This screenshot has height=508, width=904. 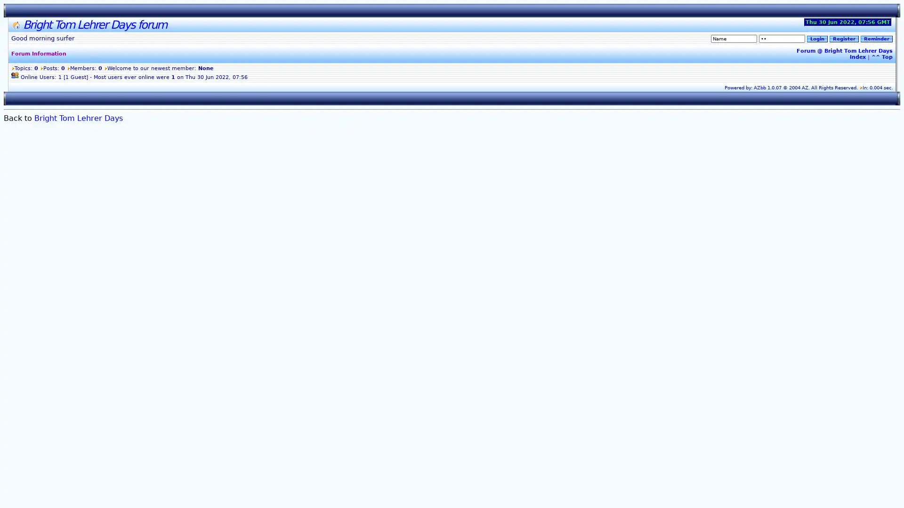 I want to click on Login, so click(x=817, y=38).